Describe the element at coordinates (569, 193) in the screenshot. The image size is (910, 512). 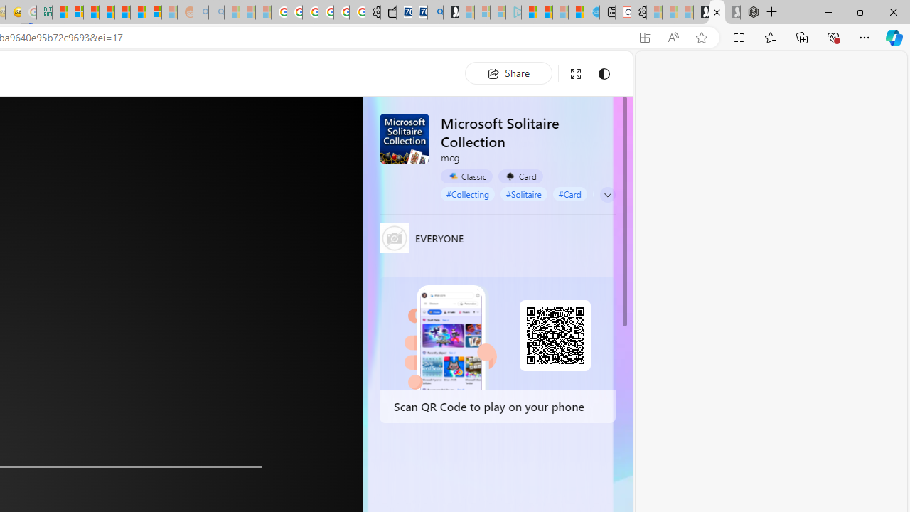
I see `'#Card'` at that location.